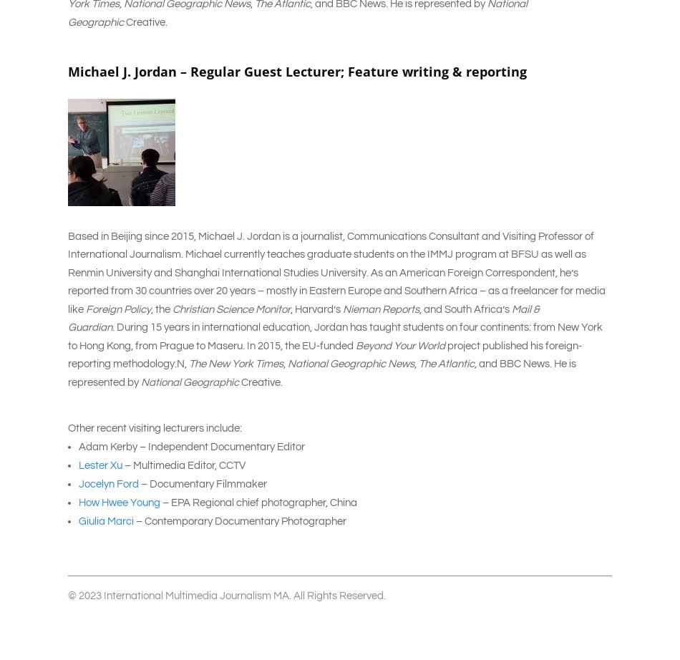 Image resolution: width=680 pixels, height=660 pixels. What do you see at coordinates (162, 308) in the screenshot?
I see `', the'` at bounding box center [162, 308].